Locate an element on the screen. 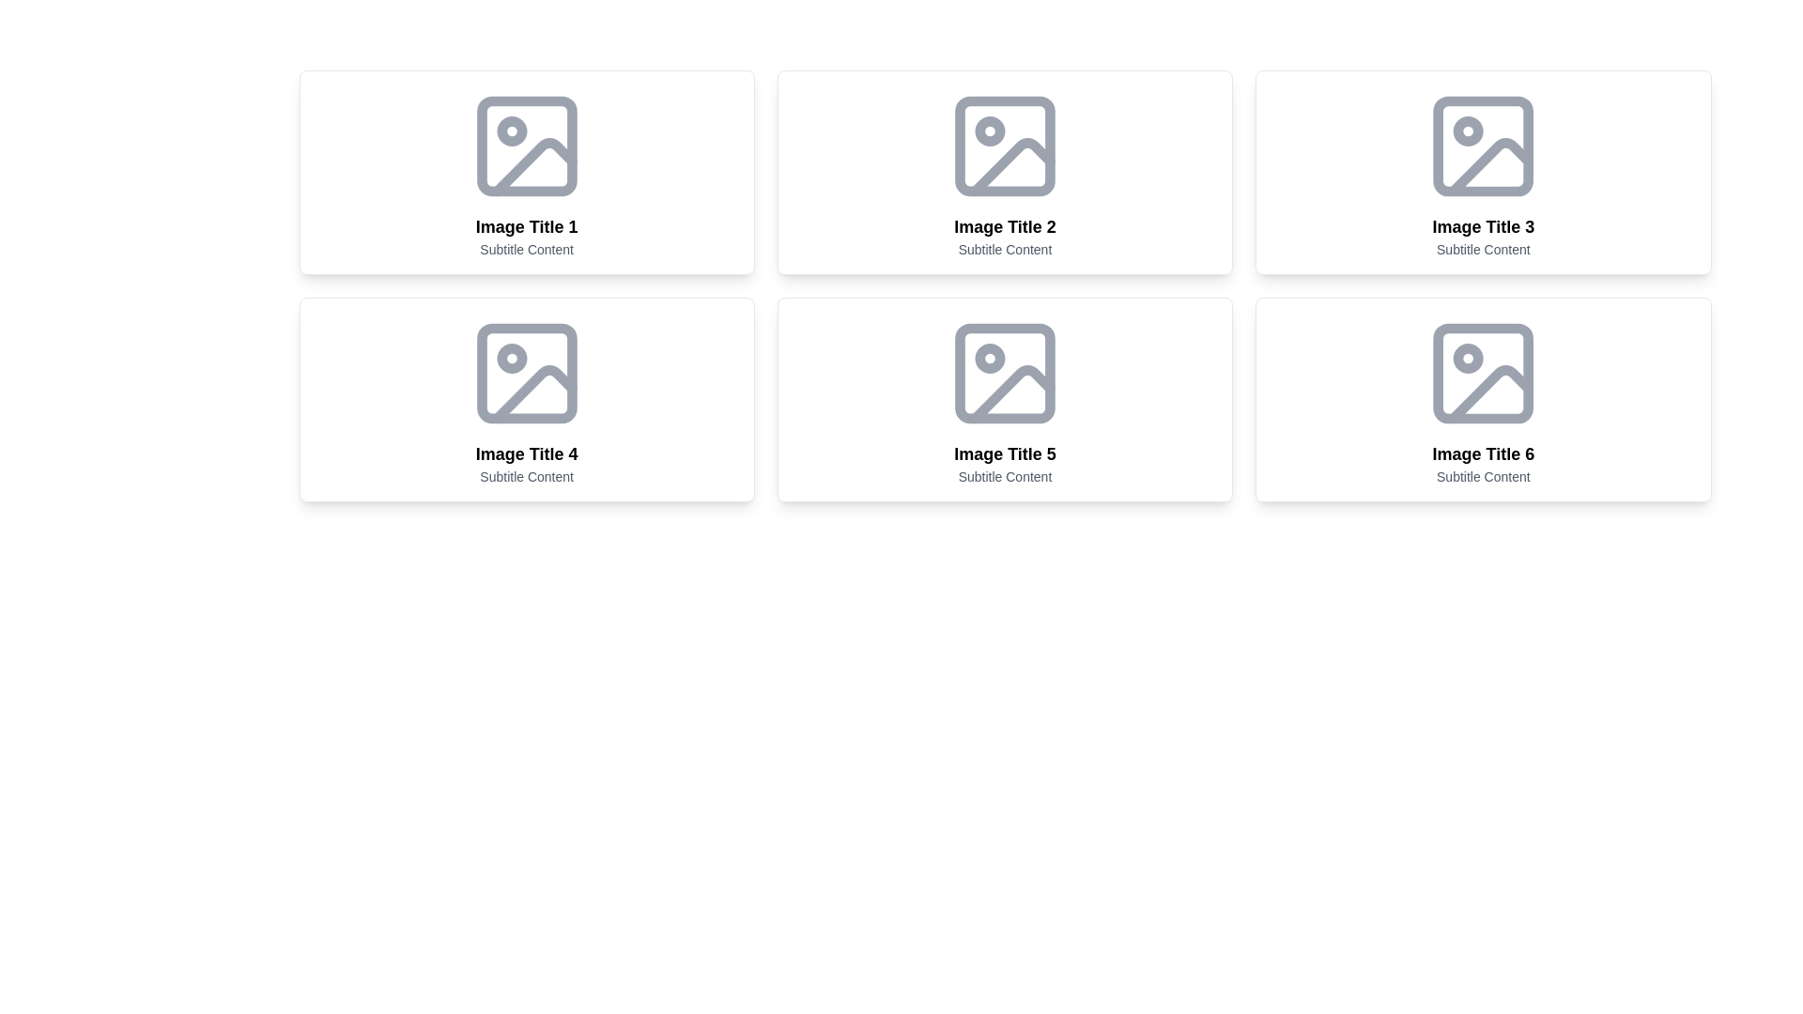  the Decorative SVG element, a rounded-corner rectangle located inside the first SVG graphic corresponding to the 'Image Title 1' card in the top-left position of the grid layout is located at coordinates (526, 145).